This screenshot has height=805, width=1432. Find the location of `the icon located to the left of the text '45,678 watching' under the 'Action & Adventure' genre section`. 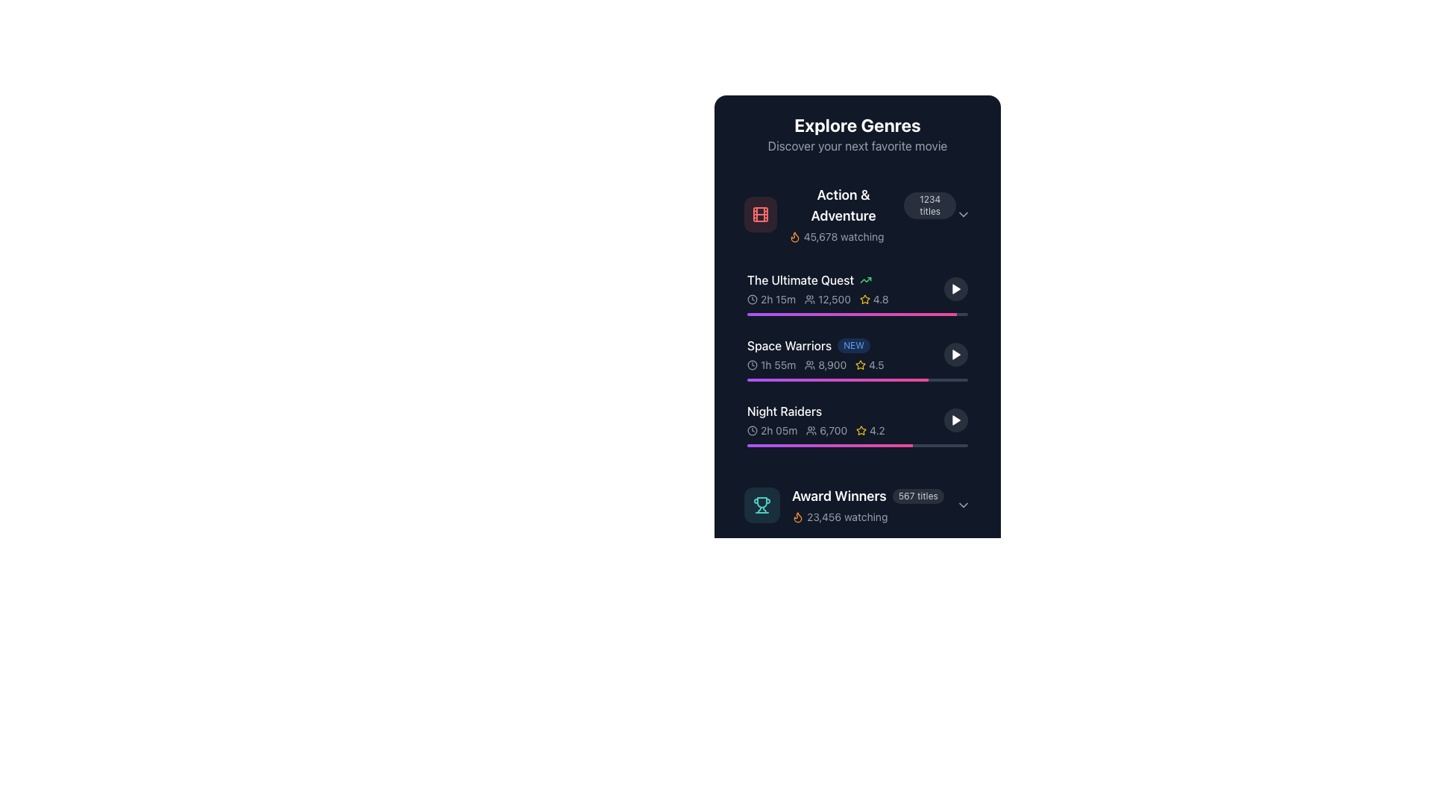

the icon located to the left of the text '45,678 watching' under the 'Action & Adventure' genre section is located at coordinates (794, 236).